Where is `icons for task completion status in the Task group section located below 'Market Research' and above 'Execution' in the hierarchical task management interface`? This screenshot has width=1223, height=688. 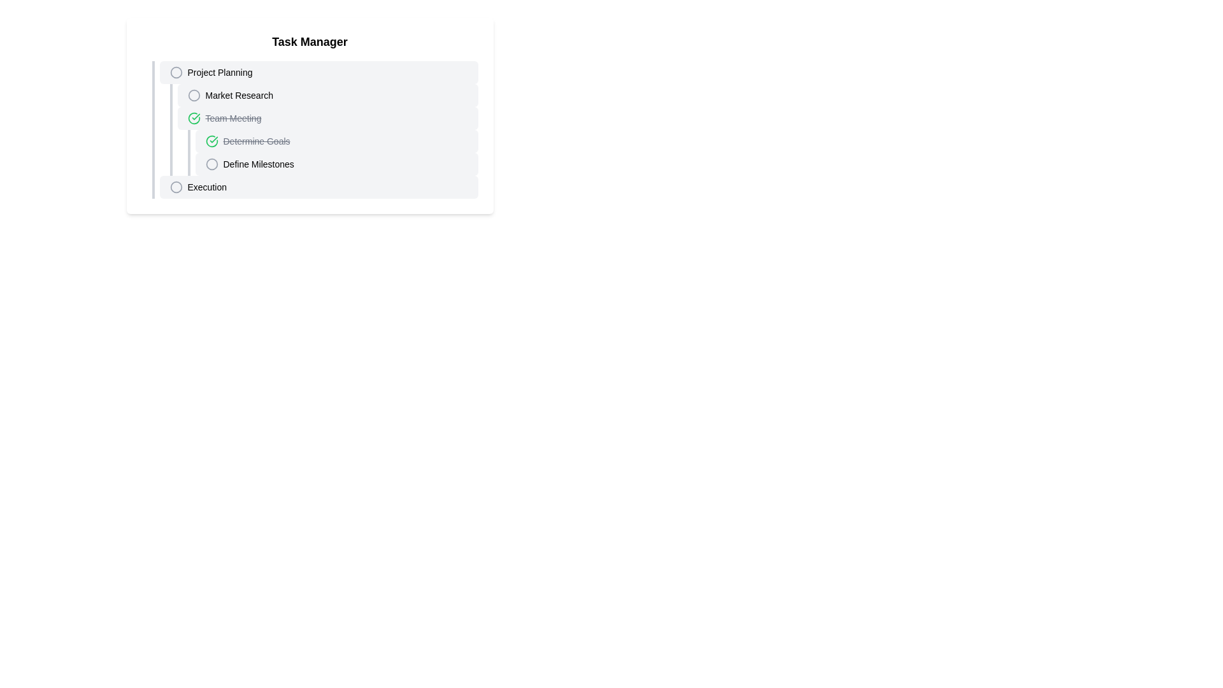
icons for task completion status in the Task group section located below 'Market Research' and above 'Execution' in the hierarchical task management interface is located at coordinates (324, 141).